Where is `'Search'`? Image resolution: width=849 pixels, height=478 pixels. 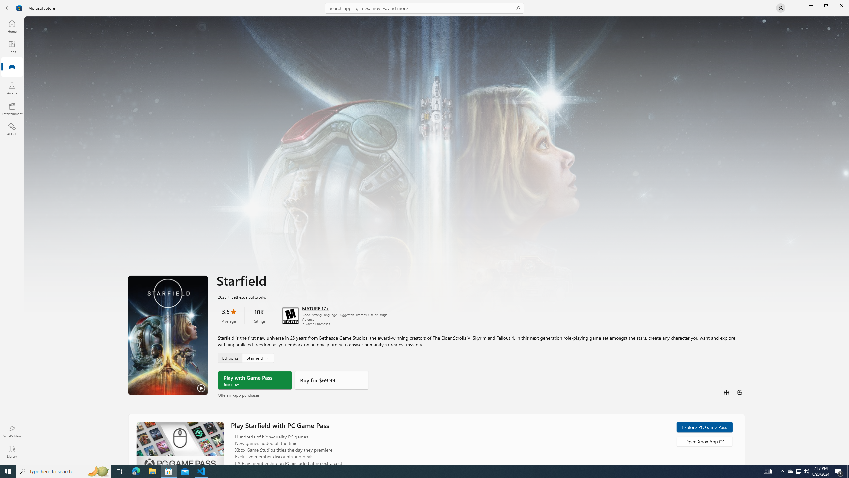 'Search' is located at coordinates (424, 8).